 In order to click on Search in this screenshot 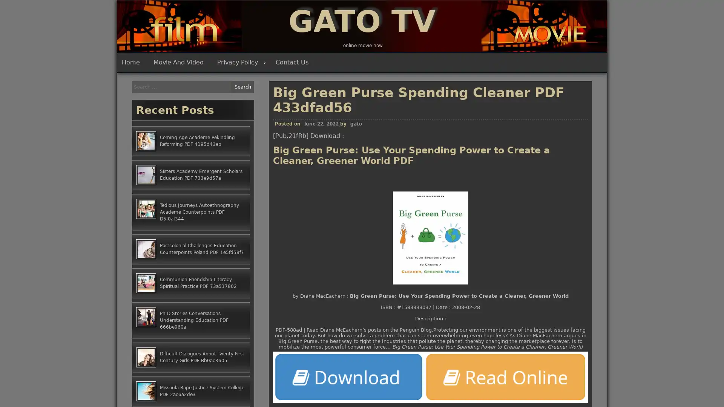, I will do `click(242, 86)`.